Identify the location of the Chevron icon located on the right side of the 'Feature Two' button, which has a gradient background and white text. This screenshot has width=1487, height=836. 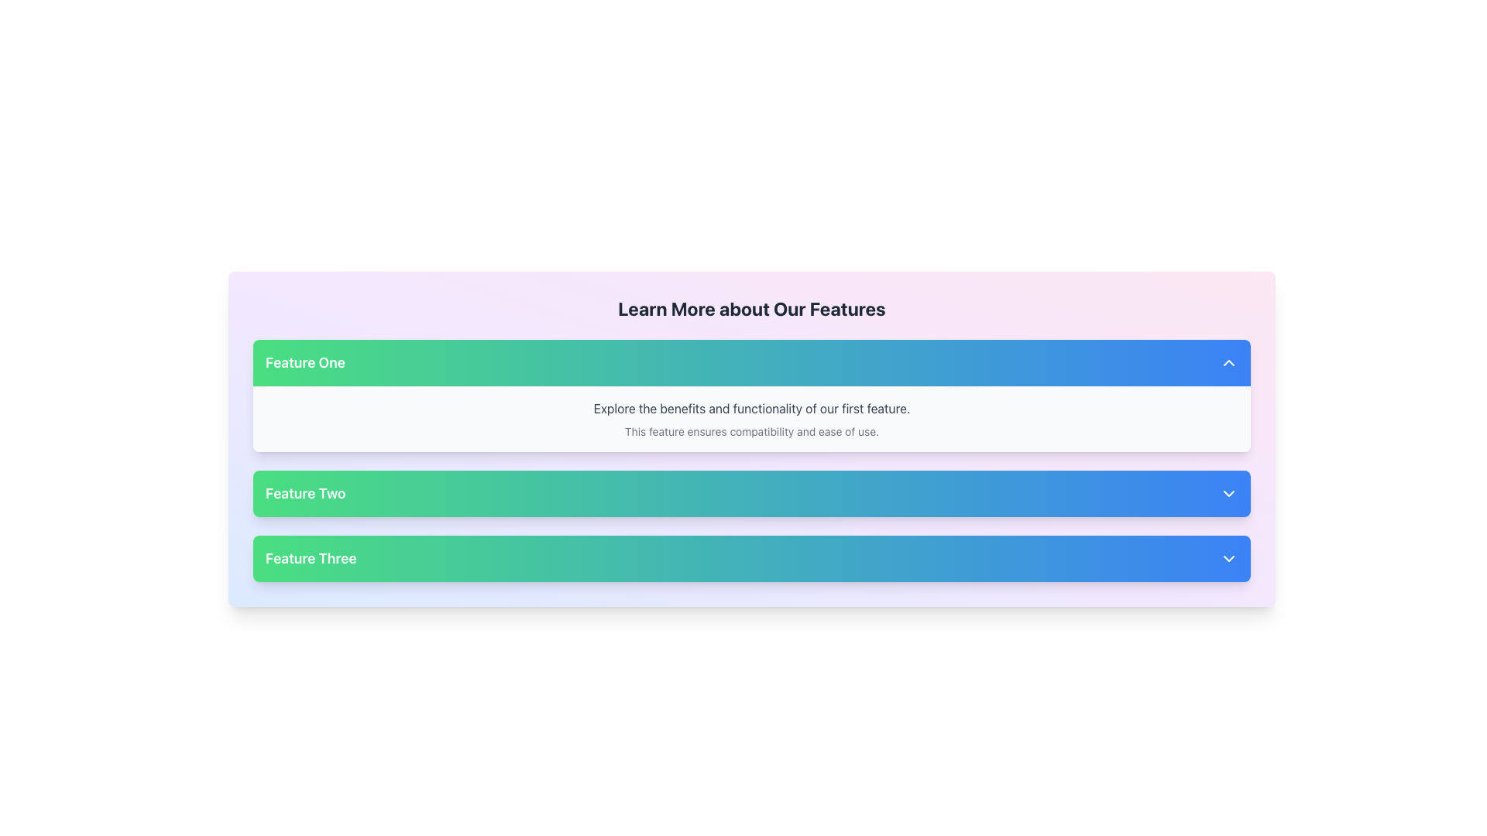
(1228, 493).